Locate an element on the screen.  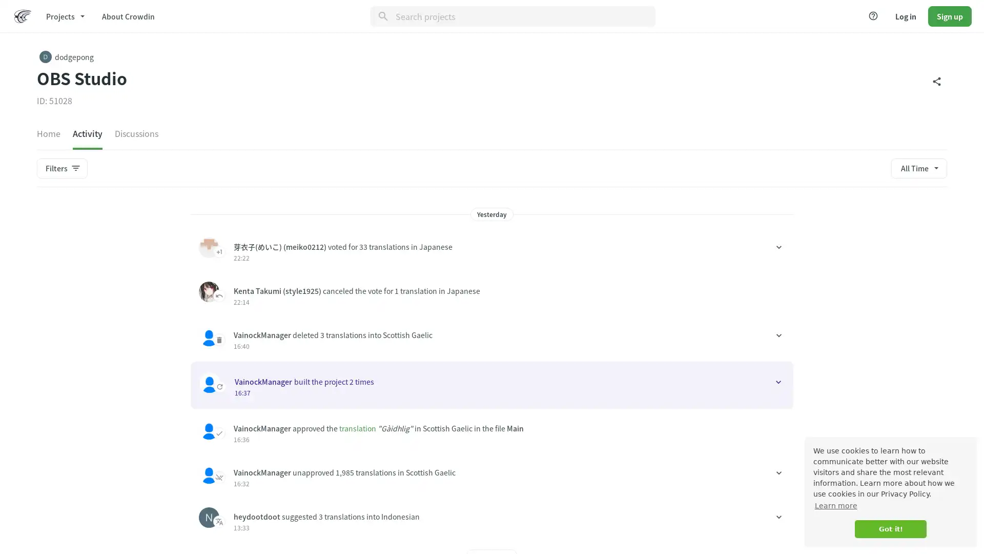
learn more about cookies is located at coordinates (835, 505).